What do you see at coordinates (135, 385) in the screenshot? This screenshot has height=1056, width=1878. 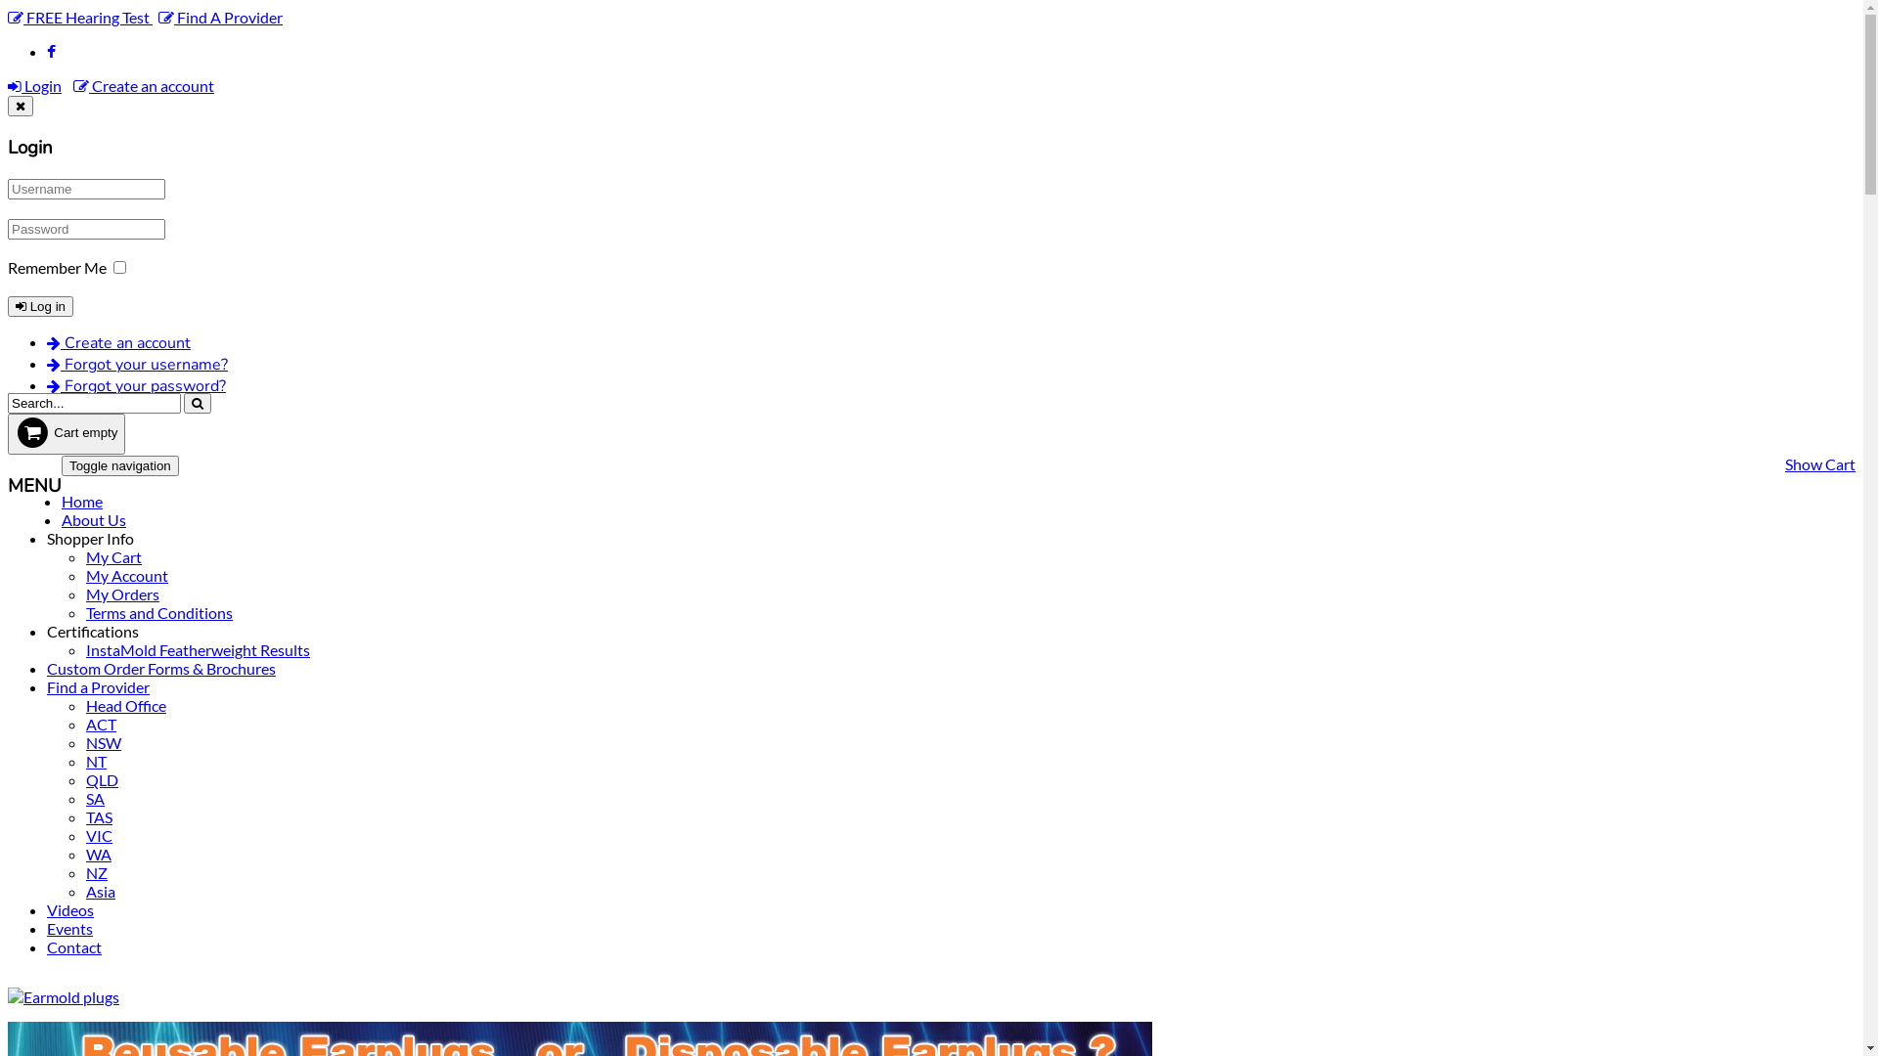 I see `'Forgot your password?'` at bounding box center [135, 385].